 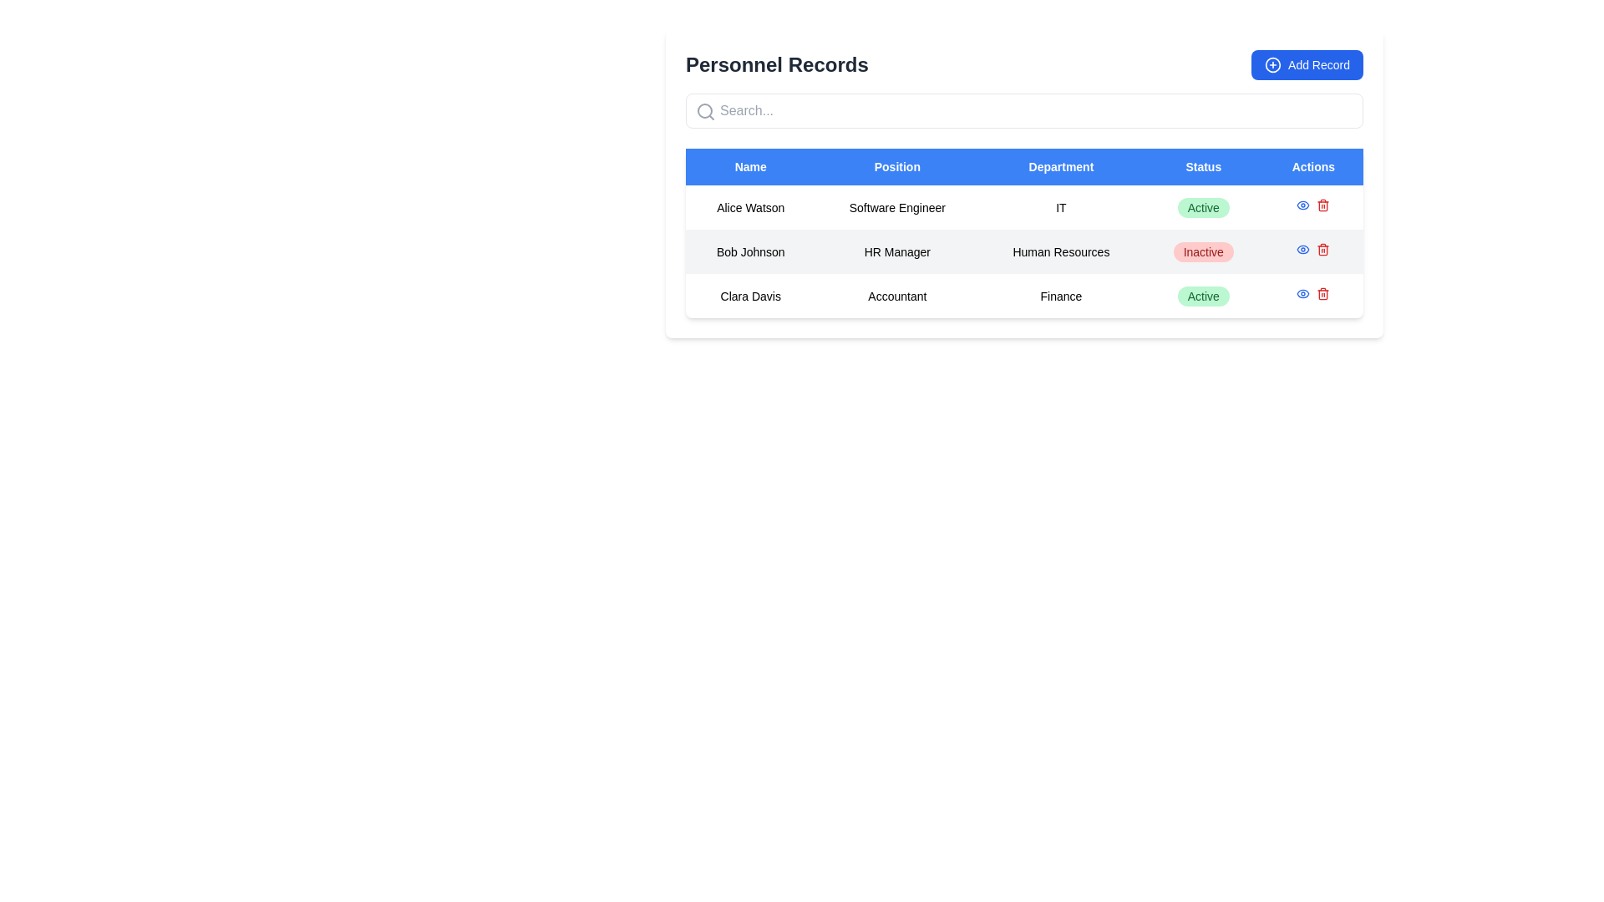 I want to click on the rounded badge component displaying 'Inactive' in the 'Status' column of the second row for the entry 'Bob Johnson' in the Human Resources department, so click(x=1203, y=251).